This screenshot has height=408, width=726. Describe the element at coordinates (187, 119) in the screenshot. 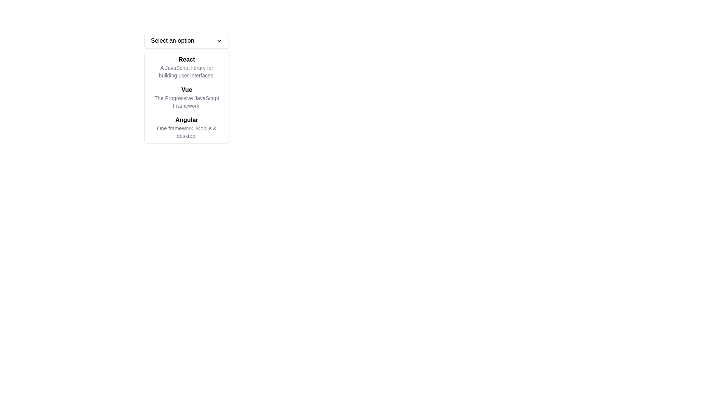

I see `text label that says 'Angular', which is a bold title of the first item in a dropdown menu list, positioned above its description` at that location.